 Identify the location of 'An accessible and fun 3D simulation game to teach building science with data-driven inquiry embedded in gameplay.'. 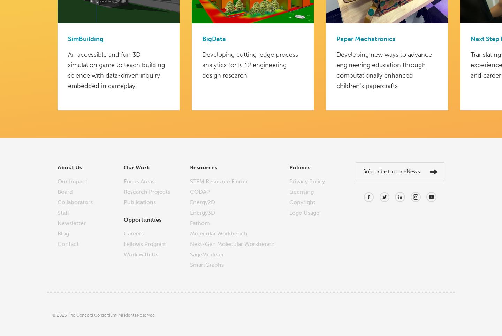
(68, 70).